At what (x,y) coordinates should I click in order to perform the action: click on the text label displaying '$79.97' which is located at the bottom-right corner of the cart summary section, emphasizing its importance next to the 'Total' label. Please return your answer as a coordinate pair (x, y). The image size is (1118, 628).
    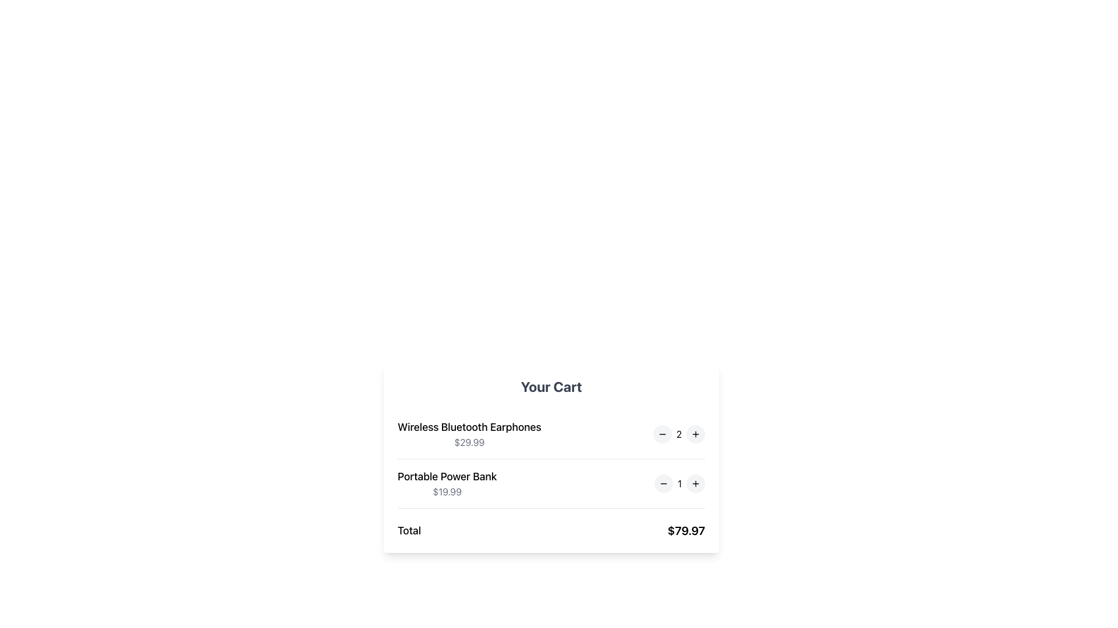
    Looking at the image, I should click on (686, 531).